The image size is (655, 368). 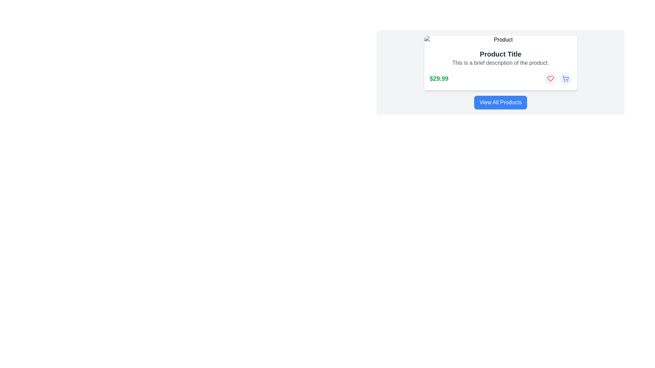 I want to click on the 'View All Products' button, which is a bright blue rectangular button with rounded corners and white text, located at the bottom center of the product card, so click(x=500, y=102).